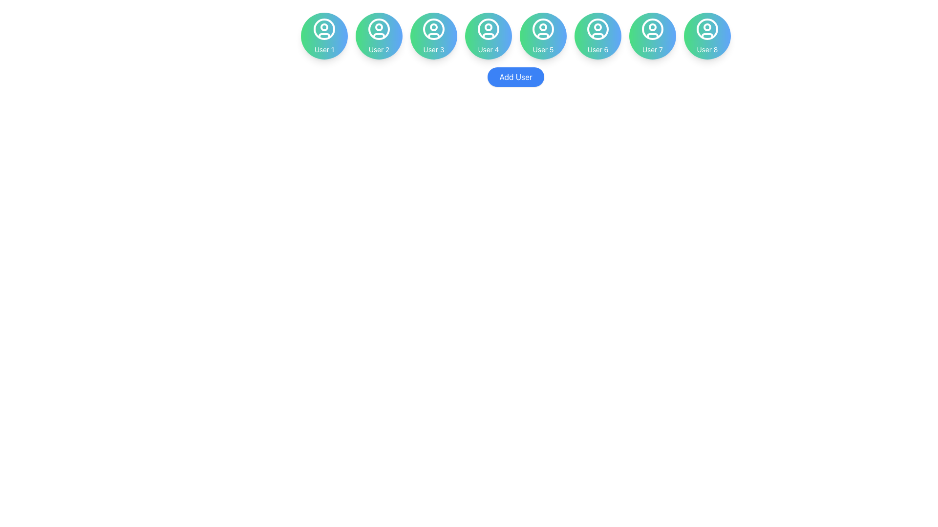 Image resolution: width=938 pixels, height=527 pixels. Describe the element at coordinates (433, 49) in the screenshot. I see `the text label that identifies 'User 3', positioned under the user icon in the 3rd position from the left` at that location.